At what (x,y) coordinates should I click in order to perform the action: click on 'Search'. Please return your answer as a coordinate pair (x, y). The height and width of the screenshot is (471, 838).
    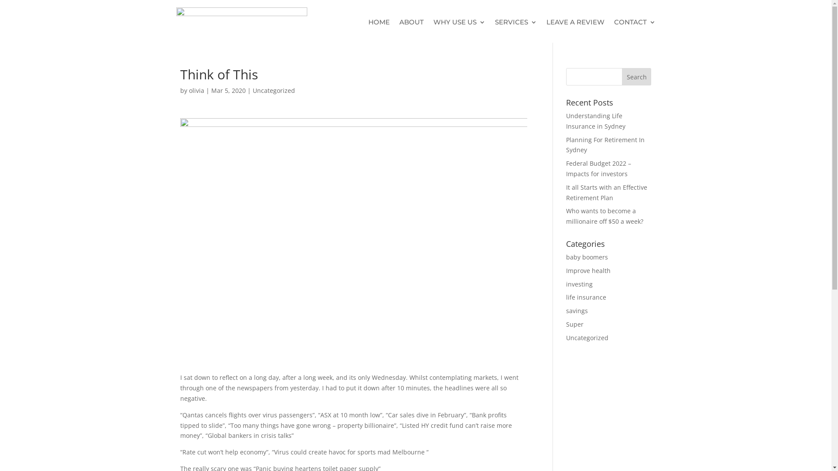
    Looking at the image, I should click on (622, 76).